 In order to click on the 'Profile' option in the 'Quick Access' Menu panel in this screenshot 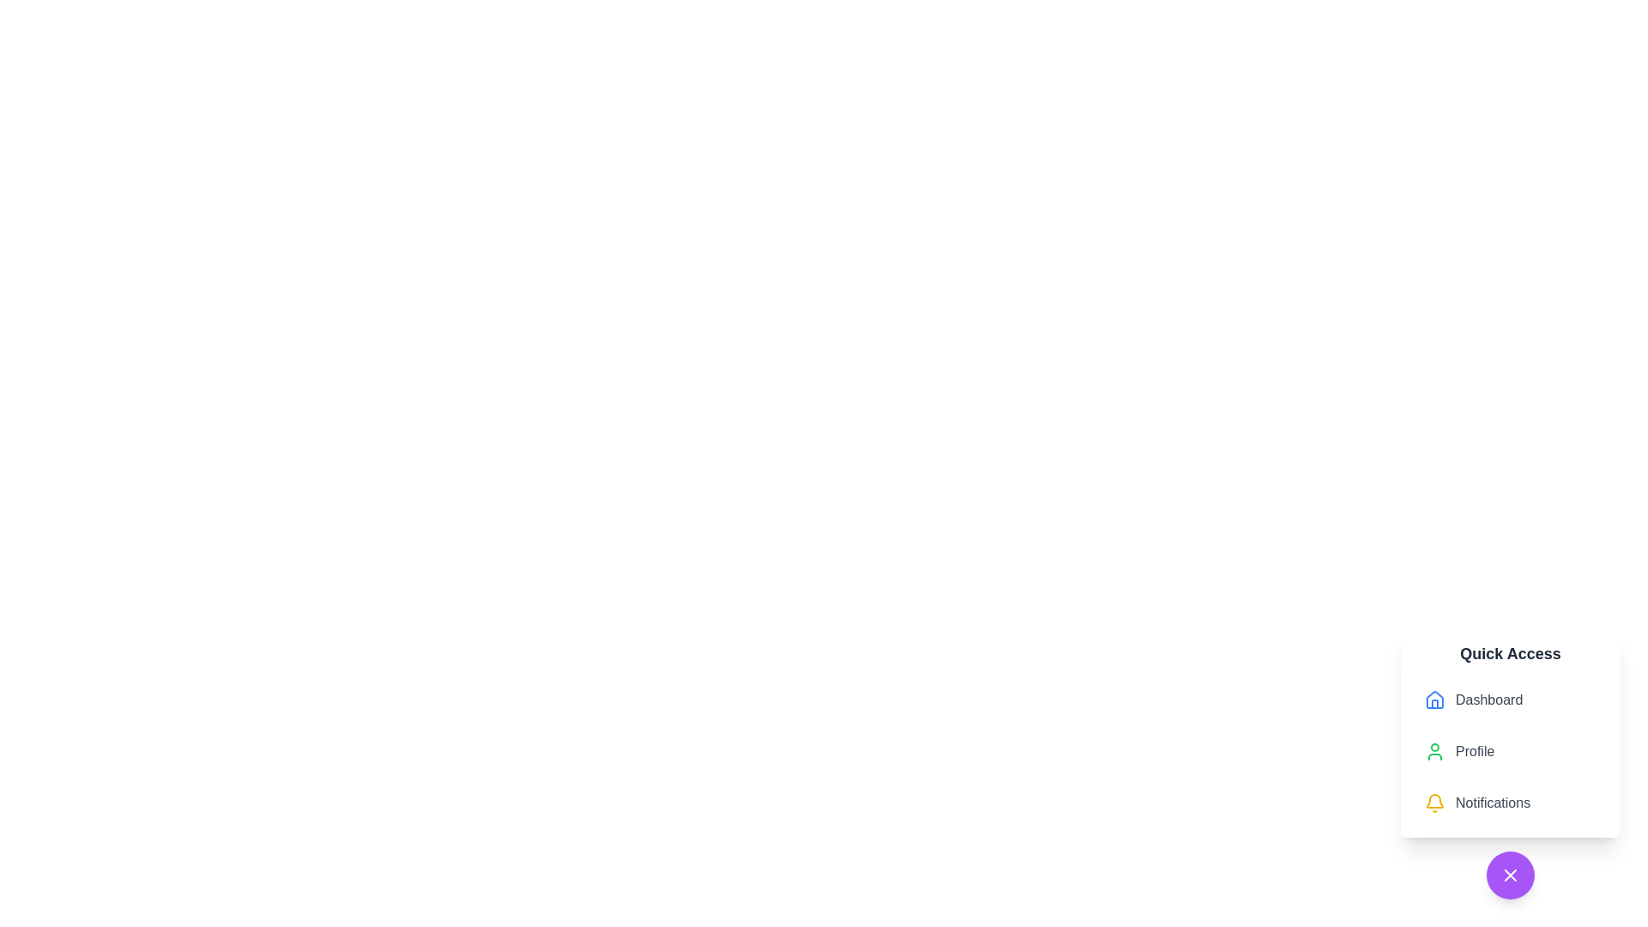, I will do `click(1511, 732)`.